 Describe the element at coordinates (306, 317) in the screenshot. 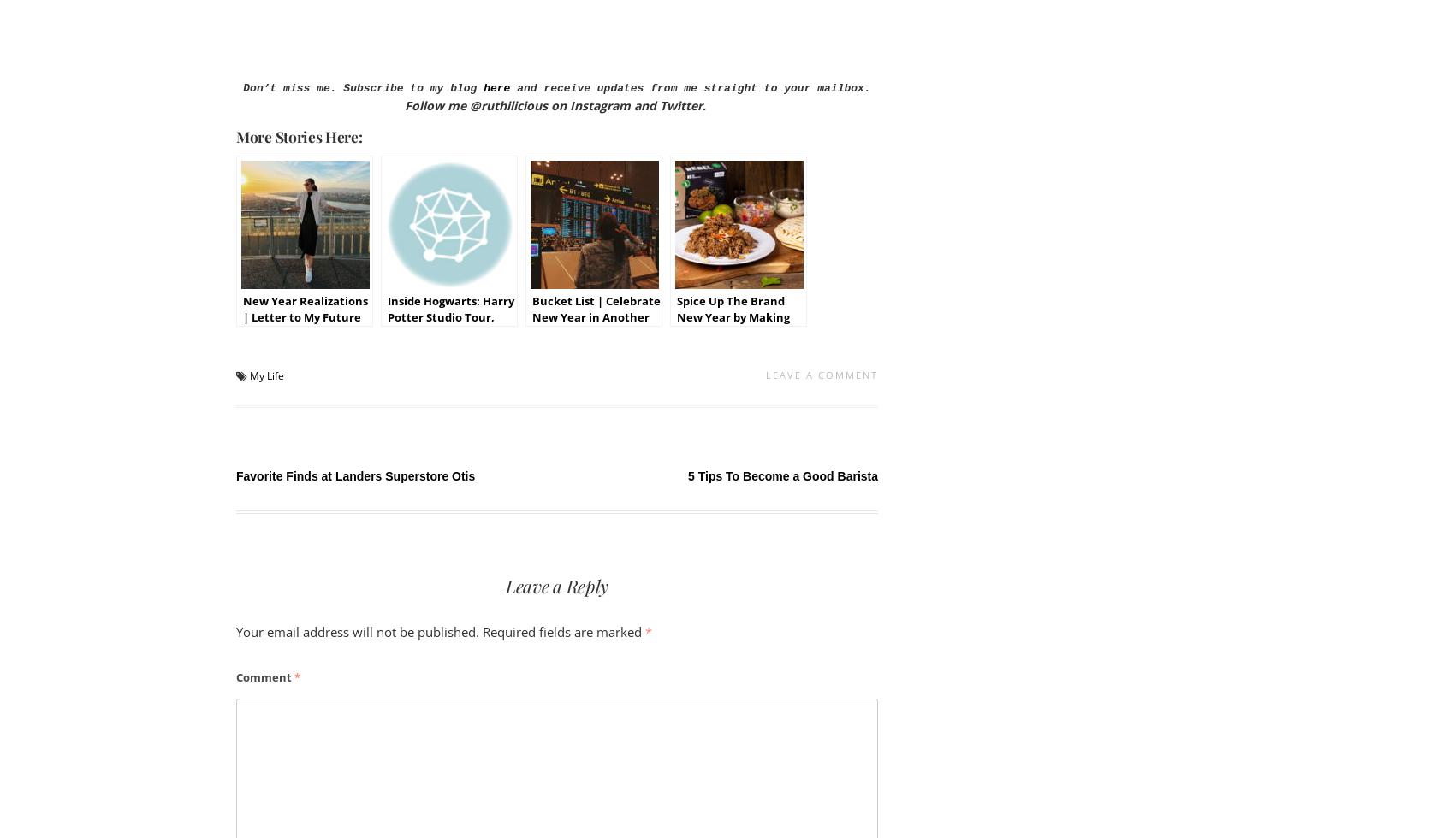

I see `'New Year Realizations | Letter to My Future Self'` at that location.